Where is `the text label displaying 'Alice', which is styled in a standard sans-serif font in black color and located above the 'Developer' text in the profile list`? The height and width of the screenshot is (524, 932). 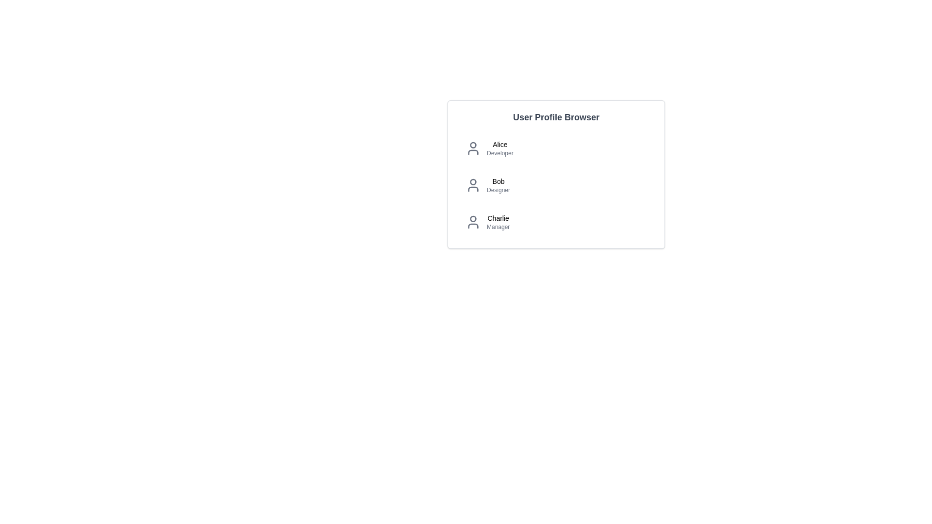 the text label displaying 'Alice', which is styled in a standard sans-serif font in black color and located above the 'Developer' text in the profile list is located at coordinates (500, 144).